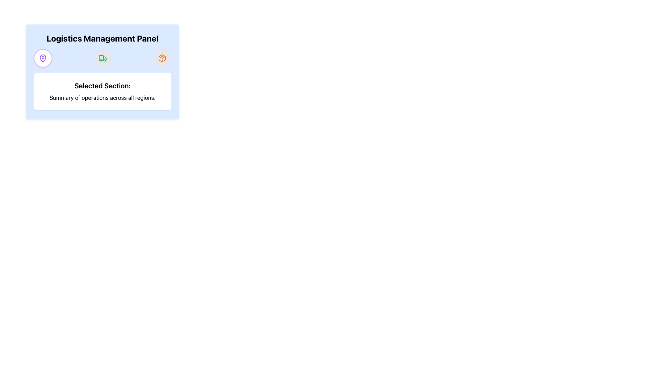  I want to click on the logistics/transportation icon located in the middle button of the three horizontally arranged buttons at the top center of the interface, so click(102, 58).